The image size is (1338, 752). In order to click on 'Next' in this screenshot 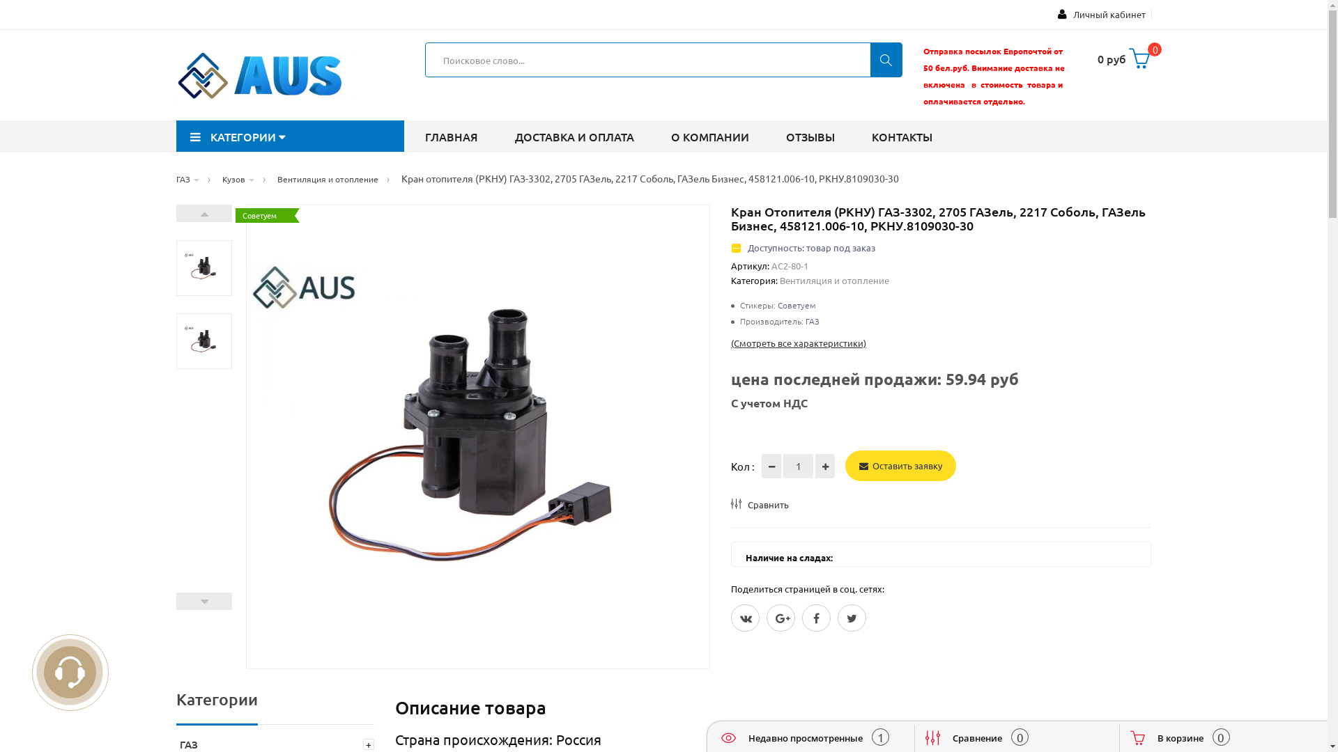, I will do `click(203, 213)`.